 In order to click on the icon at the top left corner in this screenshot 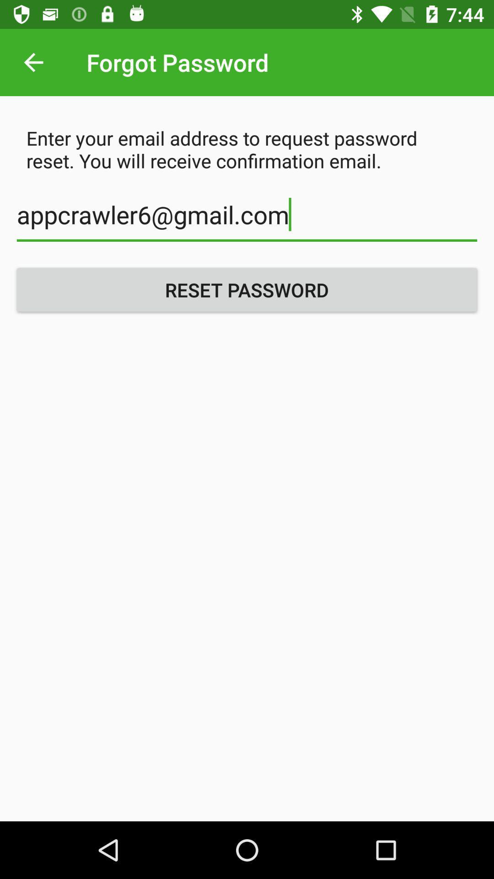, I will do `click(33, 62)`.